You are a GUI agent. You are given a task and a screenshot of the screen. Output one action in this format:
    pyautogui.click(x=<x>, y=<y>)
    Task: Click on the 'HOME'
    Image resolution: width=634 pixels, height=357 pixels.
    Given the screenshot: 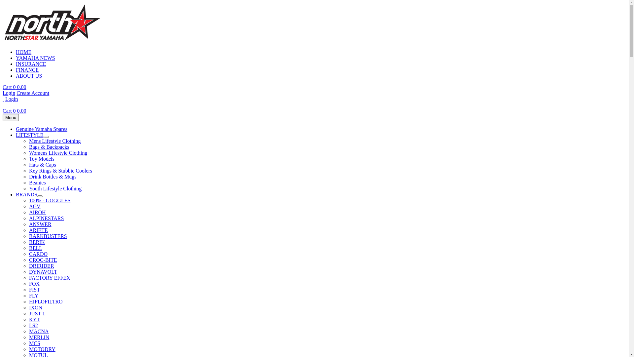 What is the action you would take?
    pyautogui.click(x=23, y=52)
    